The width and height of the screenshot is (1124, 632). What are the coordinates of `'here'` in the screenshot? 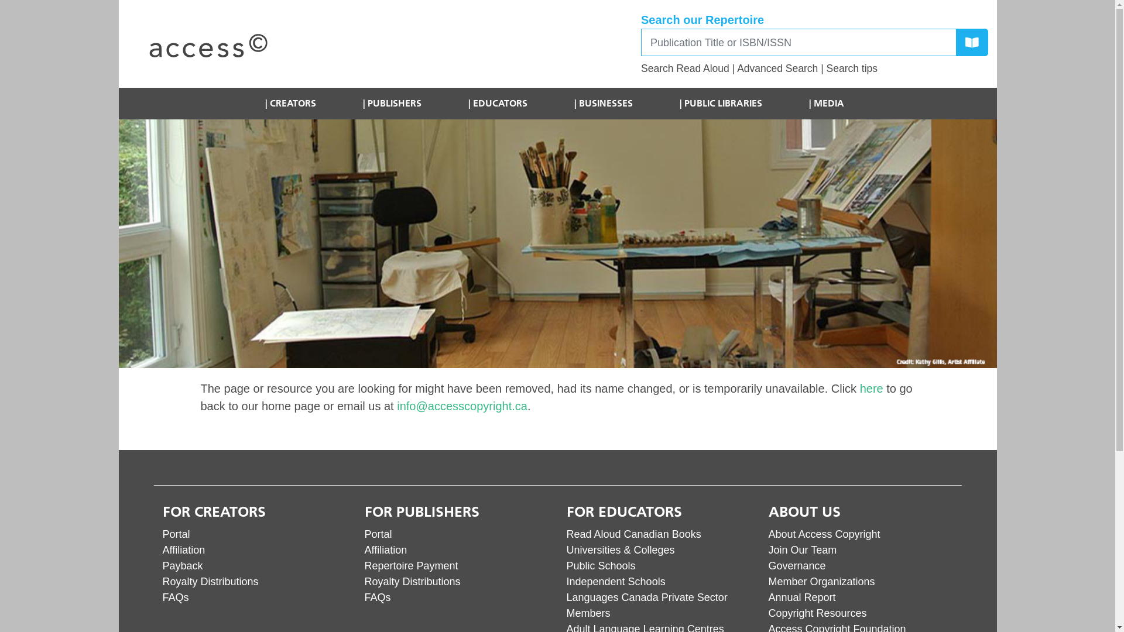 It's located at (871, 388).